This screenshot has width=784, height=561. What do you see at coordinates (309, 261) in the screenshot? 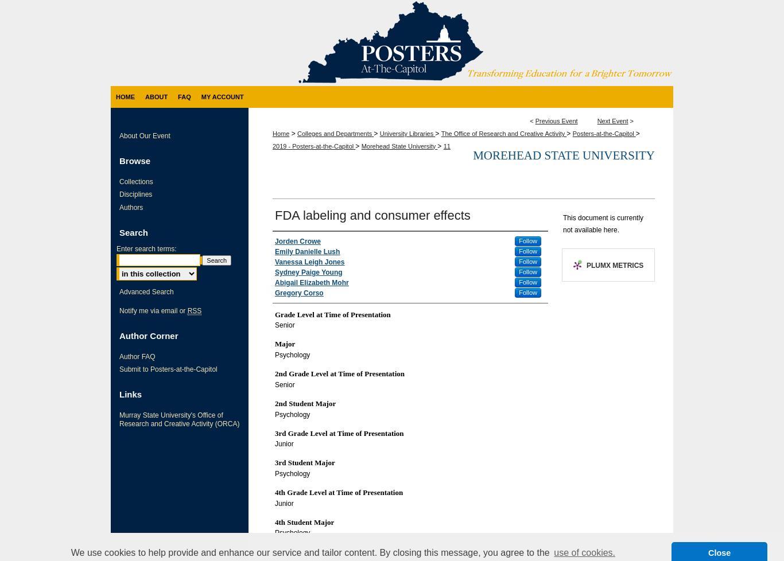
I see `'Vanessa Leigh Jones'` at bounding box center [309, 261].